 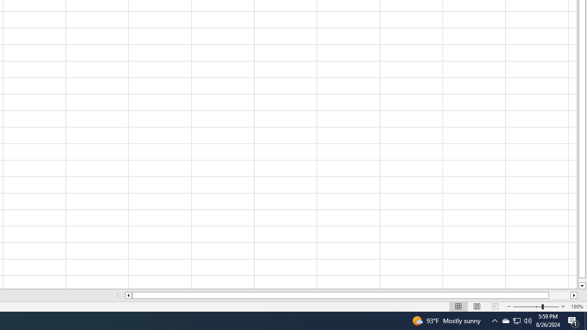 I want to click on 'Zoom Out', so click(x=527, y=307).